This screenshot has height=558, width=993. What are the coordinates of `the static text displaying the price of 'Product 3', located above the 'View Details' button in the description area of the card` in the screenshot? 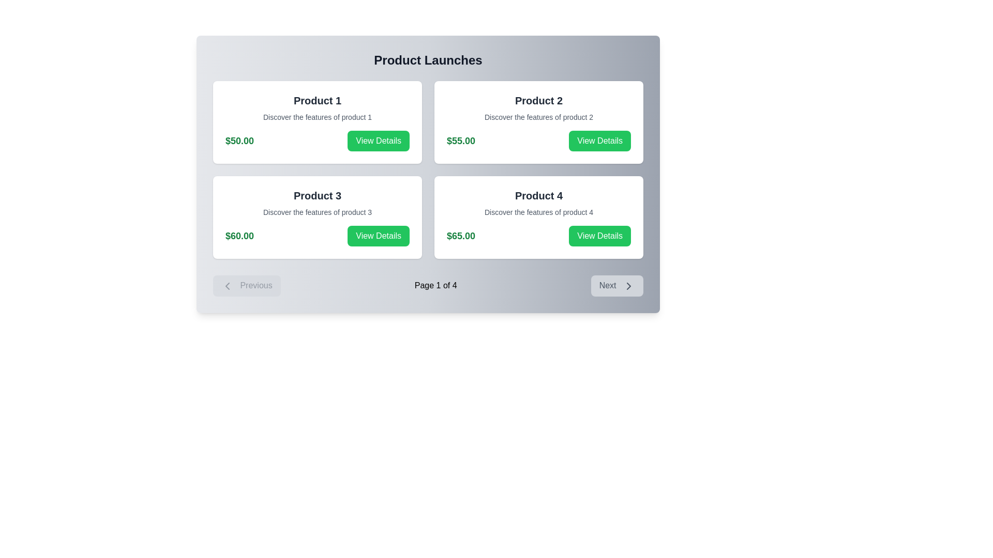 It's located at (239, 236).